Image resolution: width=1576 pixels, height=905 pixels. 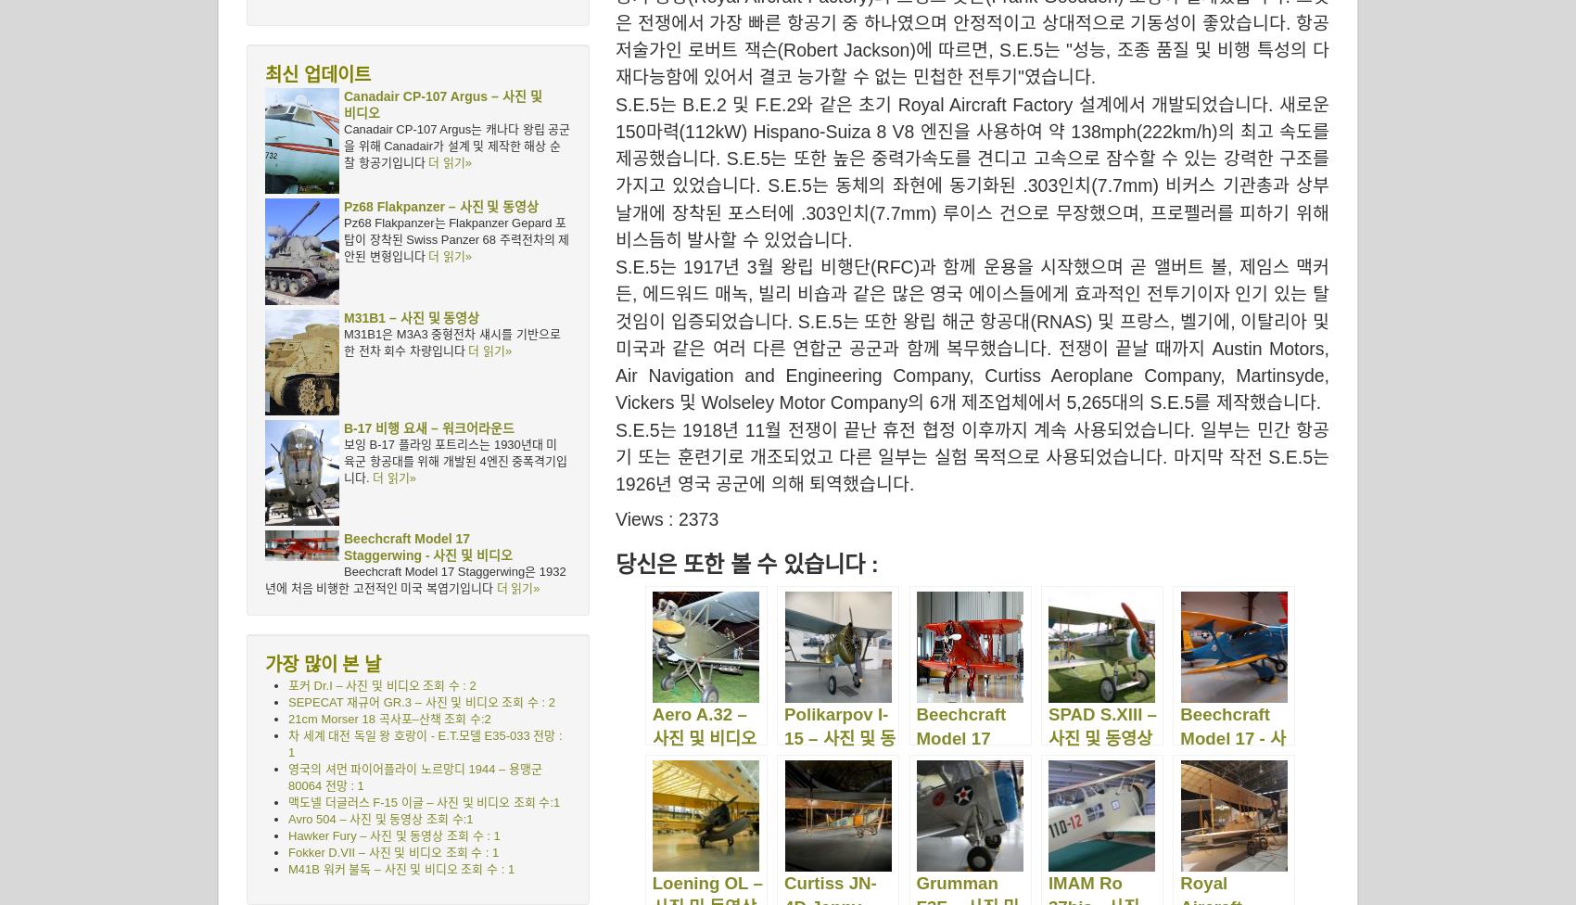 I want to click on 'M31B1 – 사진 및 동영상', so click(x=412, y=316).